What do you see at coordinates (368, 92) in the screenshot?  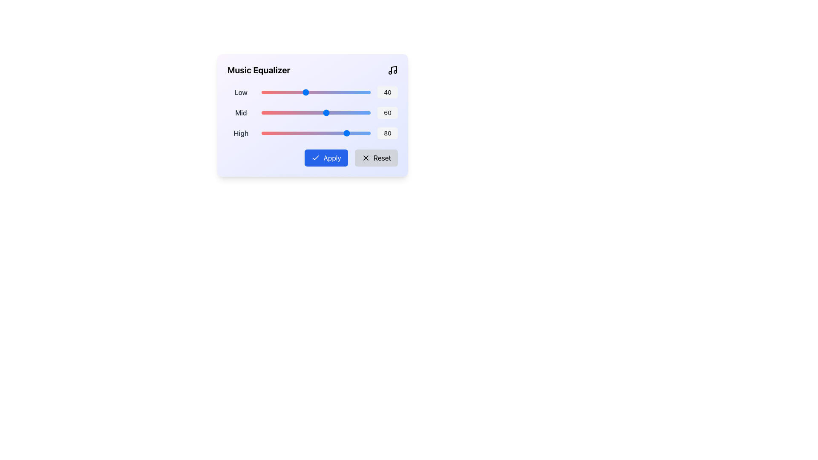 I see `the Low frequency equalizer value` at bounding box center [368, 92].